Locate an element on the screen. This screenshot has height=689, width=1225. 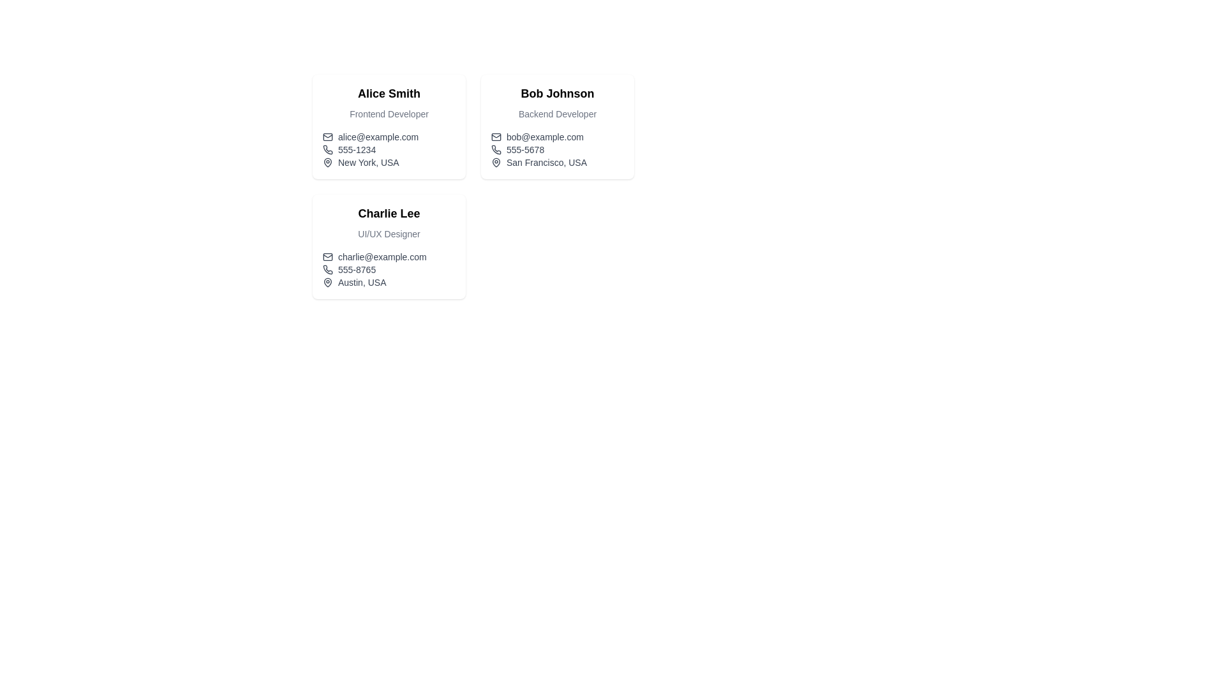
the header text displaying 'Alice Smith' which is centrally aligned at the top of the user profile card is located at coordinates (388, 93).